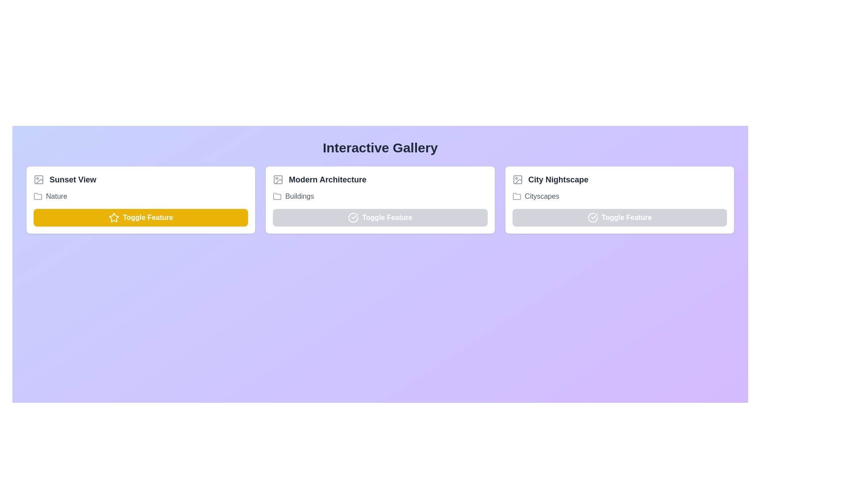 This screenshot has height=477, width=849. Describe the element at coordinates (619, 200) in the screenshot. I see `the third card in the grid layout that displays a title and description for 'City Nightscape' to trigger a visual effect` at that location.